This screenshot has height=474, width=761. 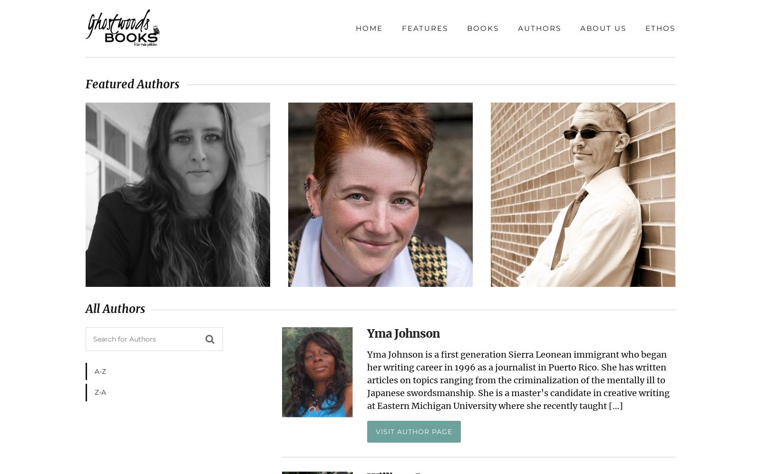 What do you see at coordinates (100, 371) in the screenshot?
I see `'A-Z'` at bounding box center [100, 371].